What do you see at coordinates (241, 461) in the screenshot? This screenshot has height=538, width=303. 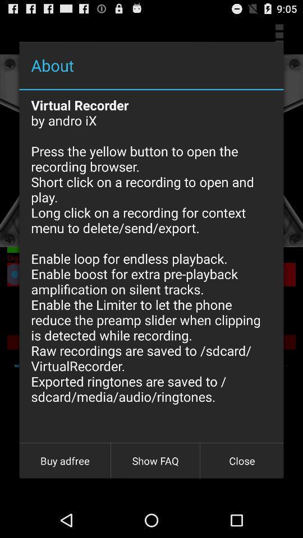 I see `close at the bottom right corner` at bounding box center [241, 461].